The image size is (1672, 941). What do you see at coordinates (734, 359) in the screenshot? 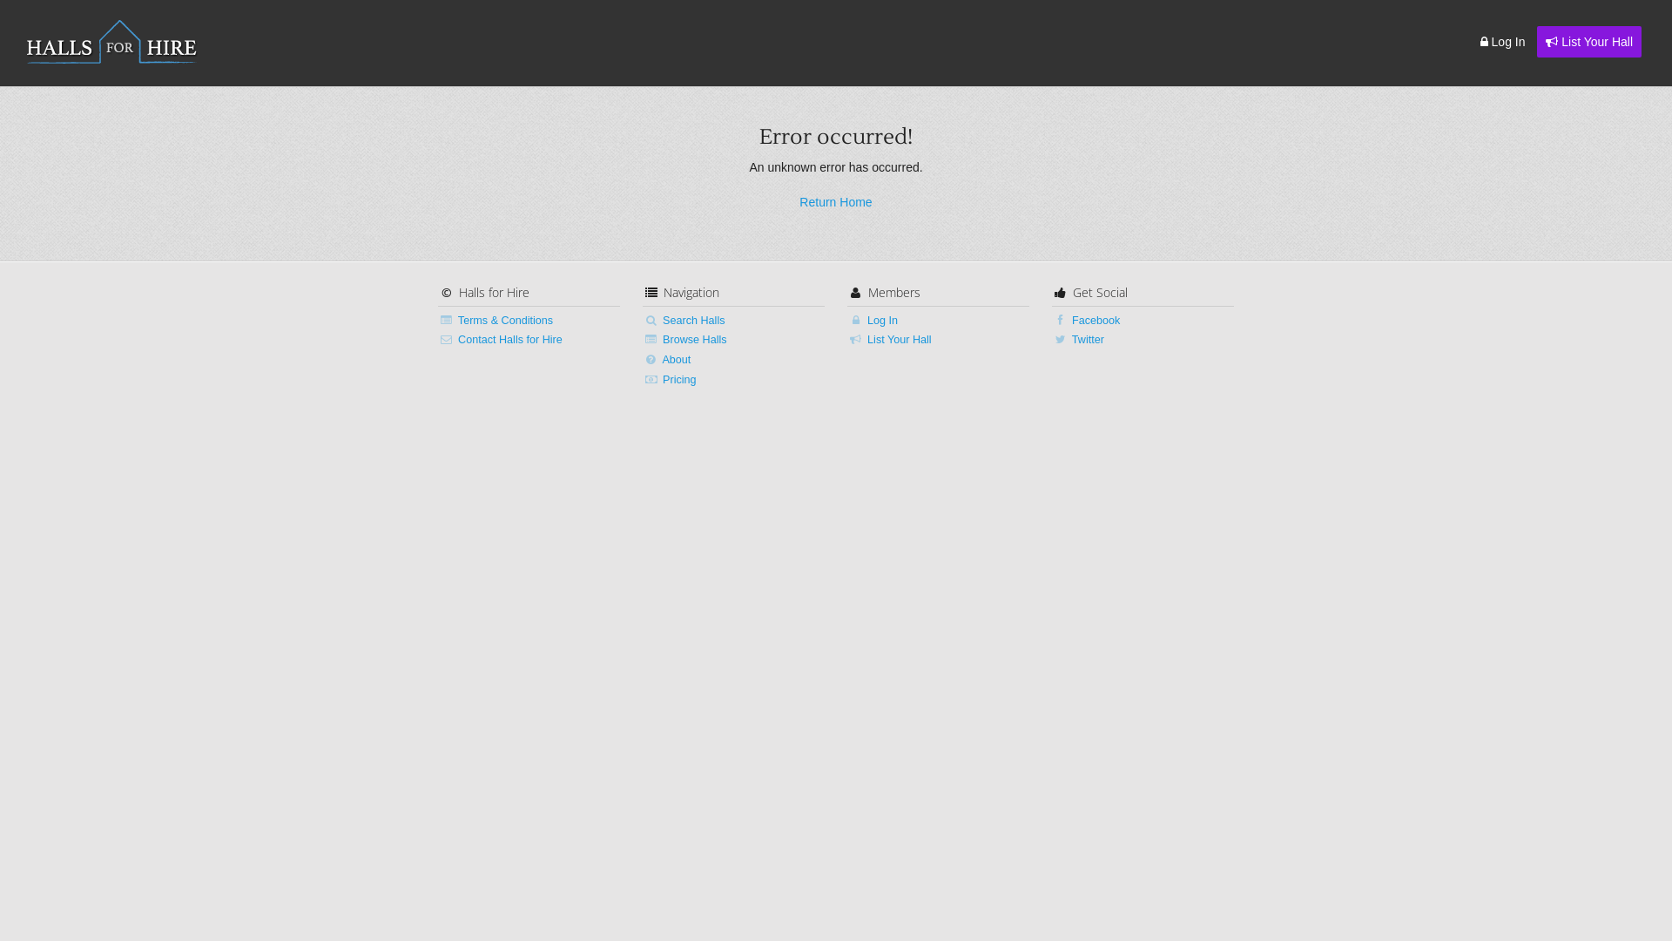
I see `'About'` at bounding box center [734, 359].